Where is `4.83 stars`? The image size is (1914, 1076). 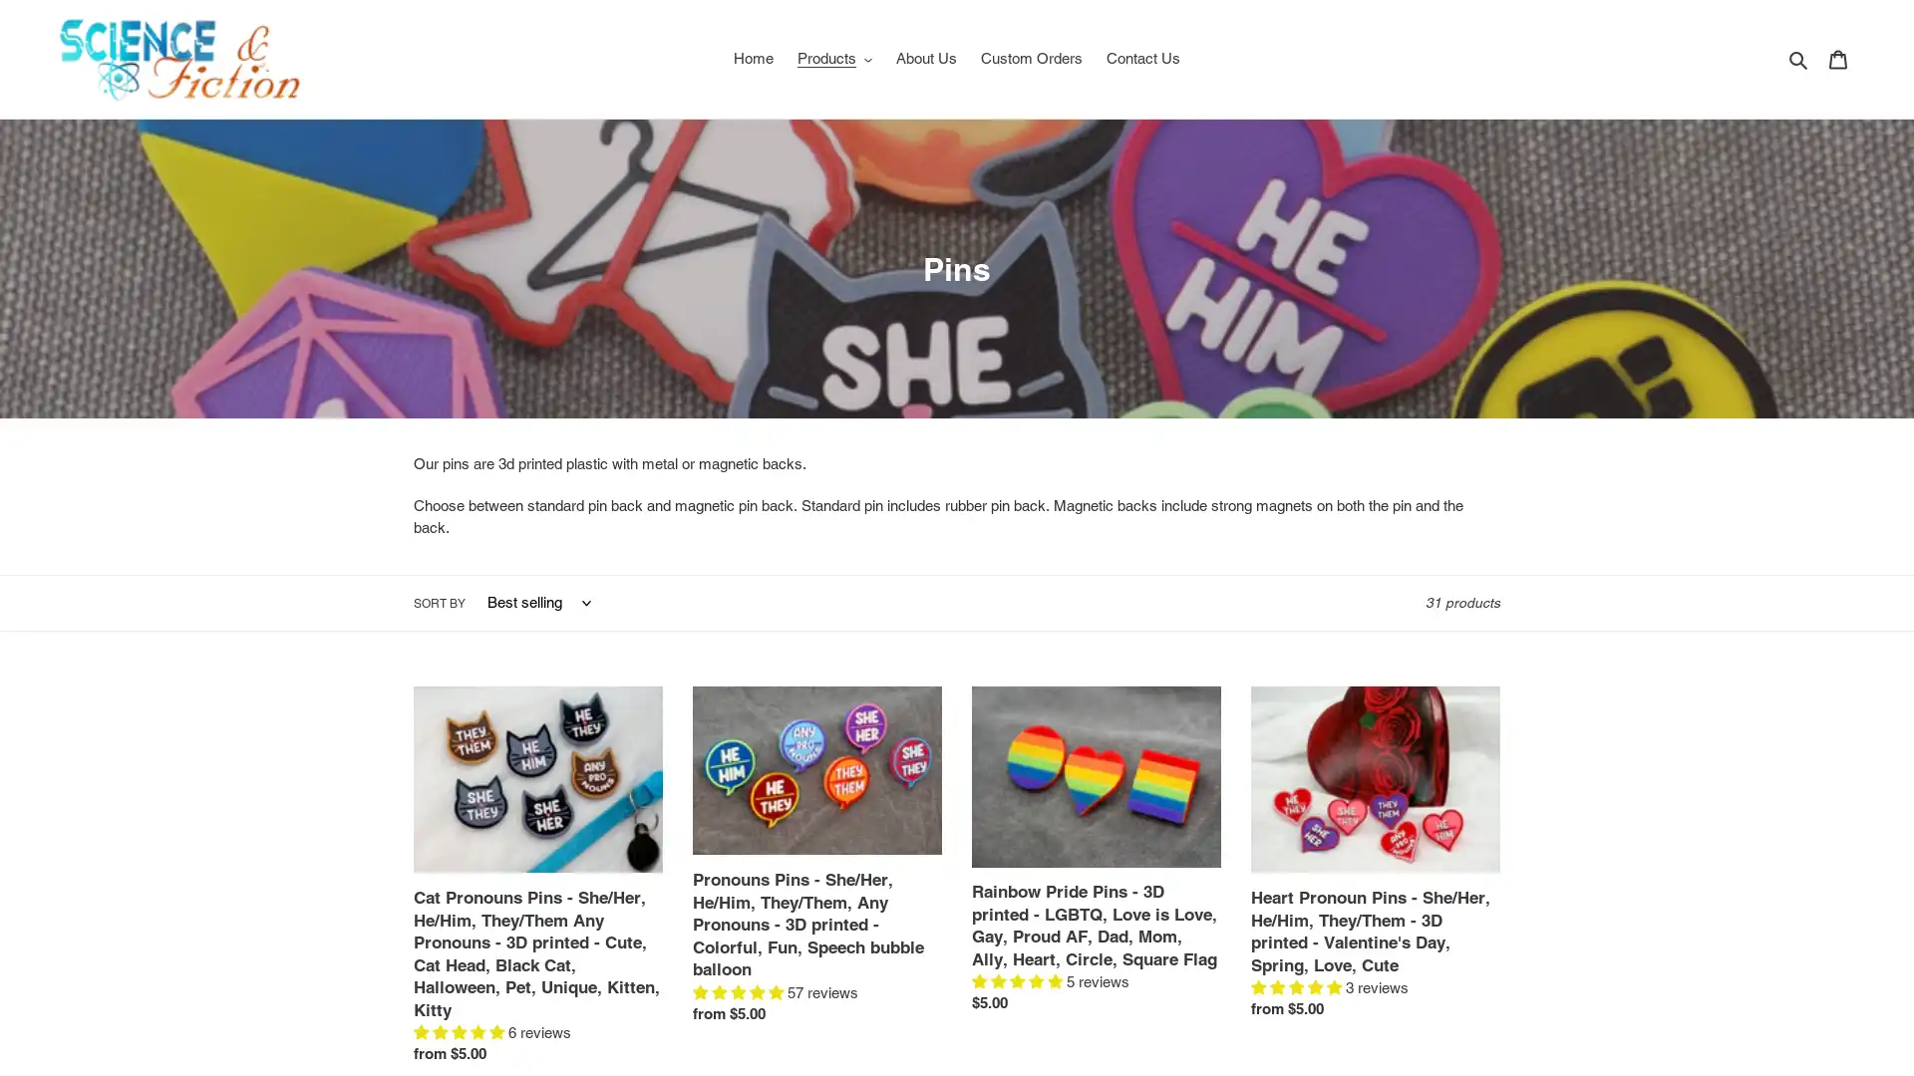 4.83 stars is located at coordinates (460, 1031).